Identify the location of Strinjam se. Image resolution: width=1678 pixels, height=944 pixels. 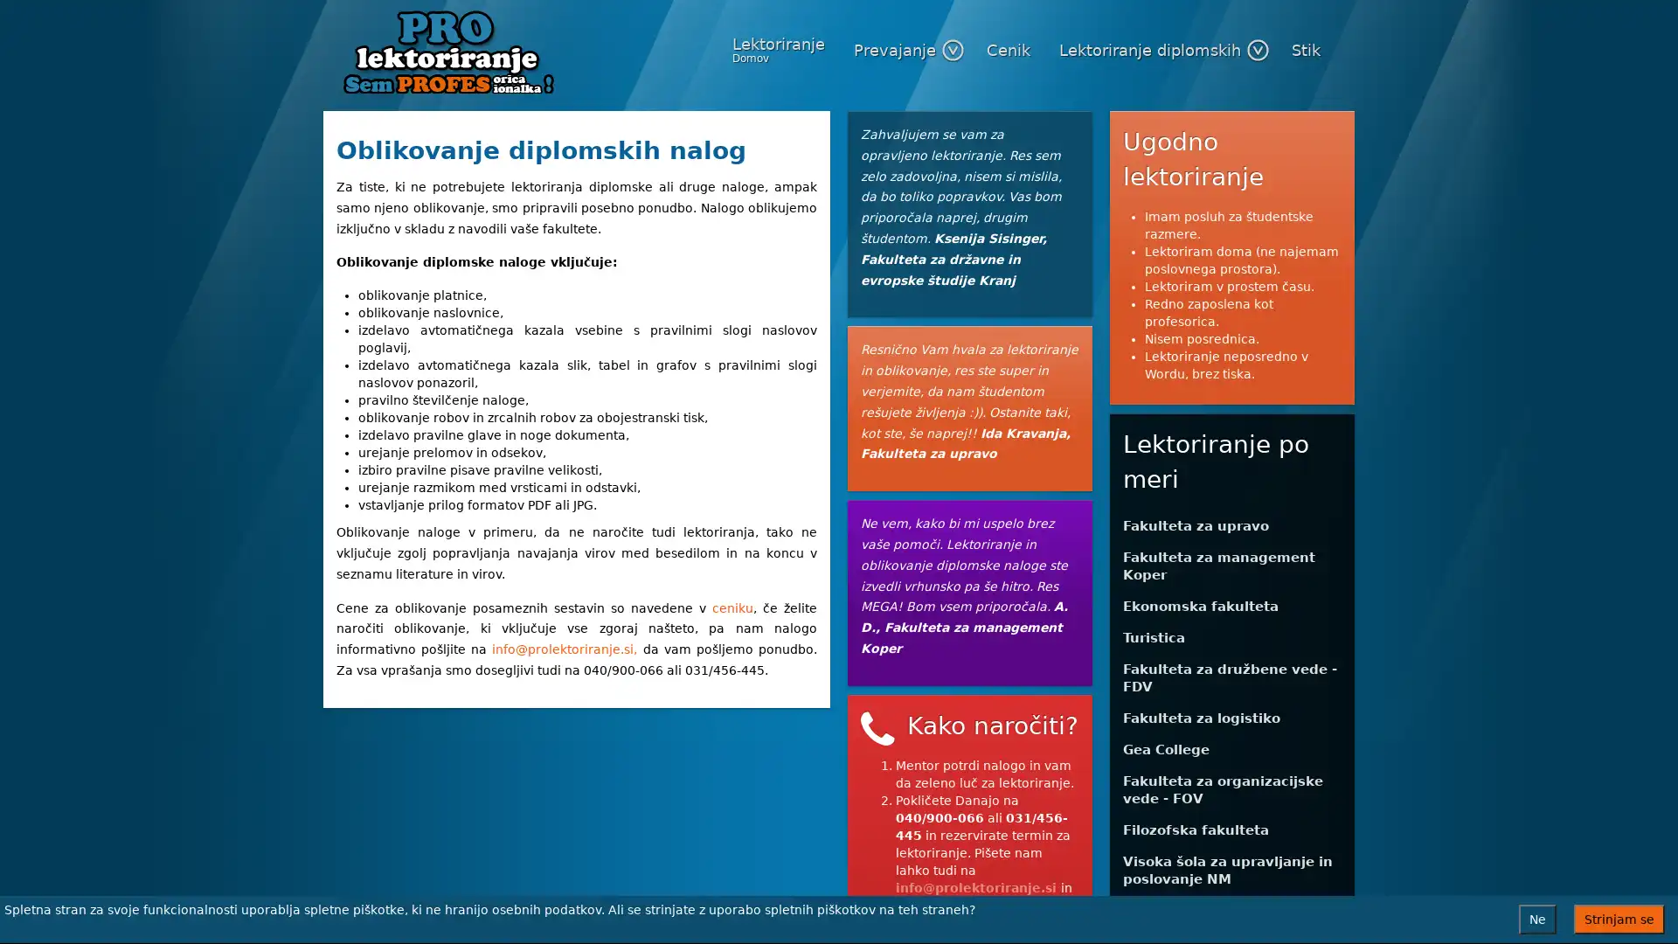
(1618, 919).